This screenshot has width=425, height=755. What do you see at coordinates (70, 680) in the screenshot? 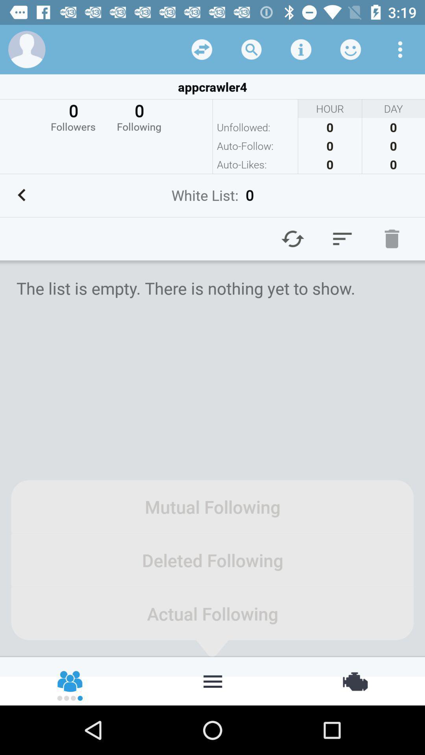
I see `group icon` at bounding box center [70, 680].